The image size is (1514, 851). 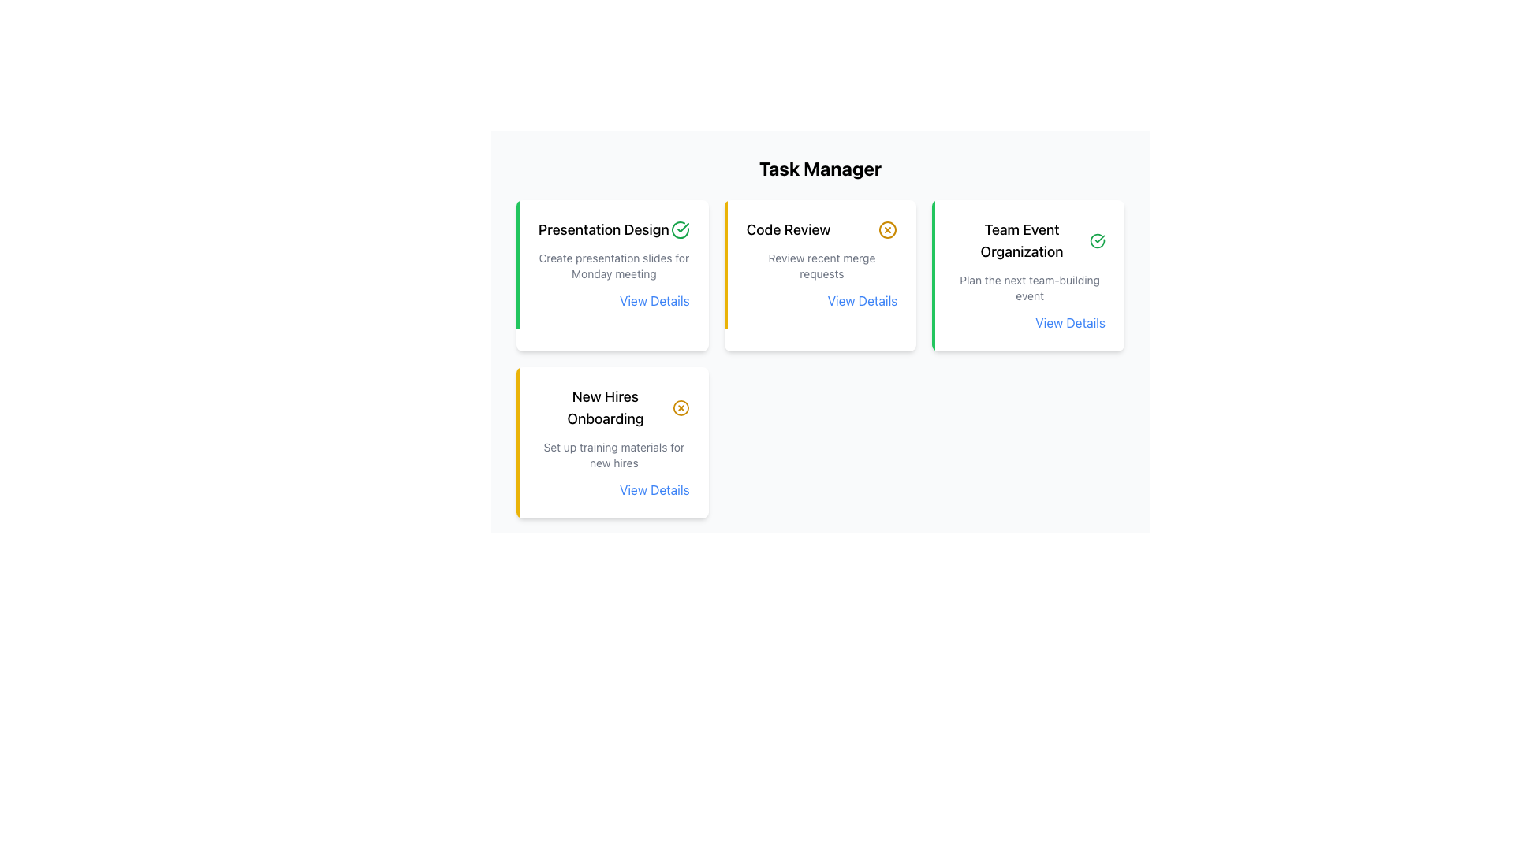 I want to click on the text label displaying 'Set up training materials for new hires.' which is located within the 'New Hires Onboarding' card, positioned below the title and above the 'View Details' link, so click(x=613, y=455).